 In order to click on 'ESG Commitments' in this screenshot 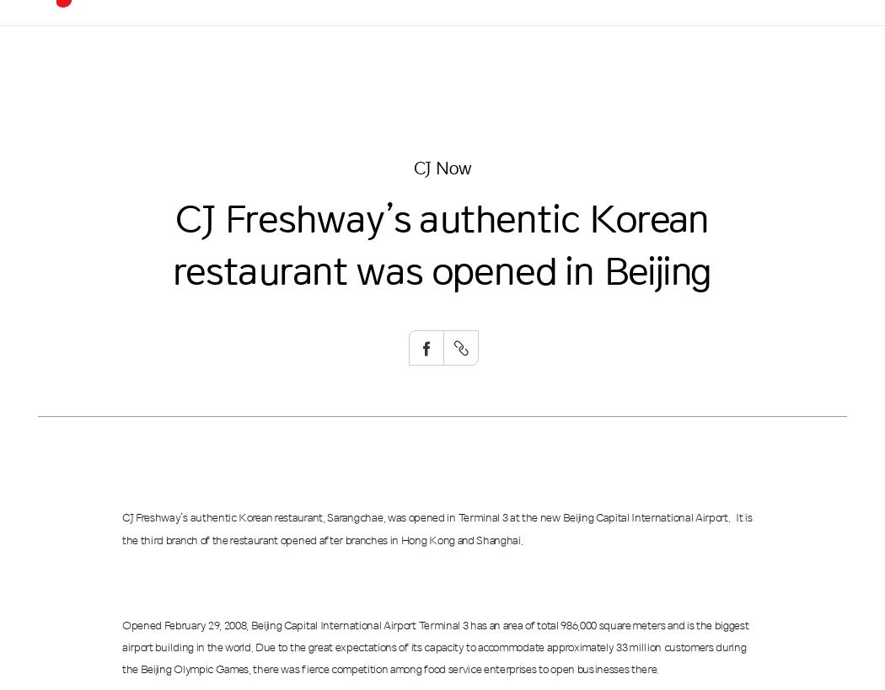, I will do `click(410, 99)`.